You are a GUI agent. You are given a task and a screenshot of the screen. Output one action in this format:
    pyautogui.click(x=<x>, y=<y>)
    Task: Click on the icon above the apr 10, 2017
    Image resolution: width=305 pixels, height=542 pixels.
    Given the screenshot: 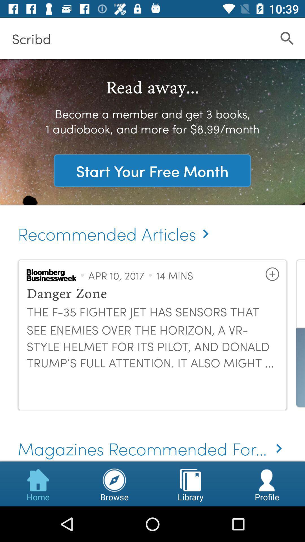 What is the action you would take?
    pyautogui.click(x=116, y=228)
    